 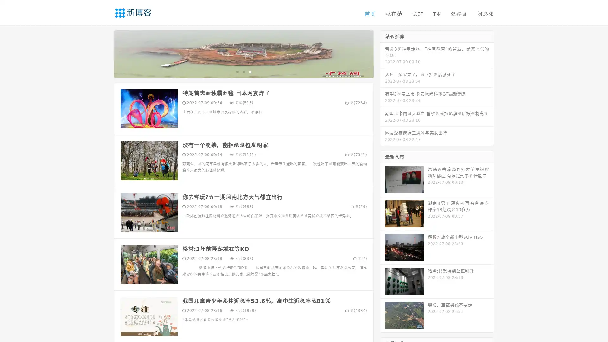 I want to click on Go to slide 1, so click(x=237, y=71).